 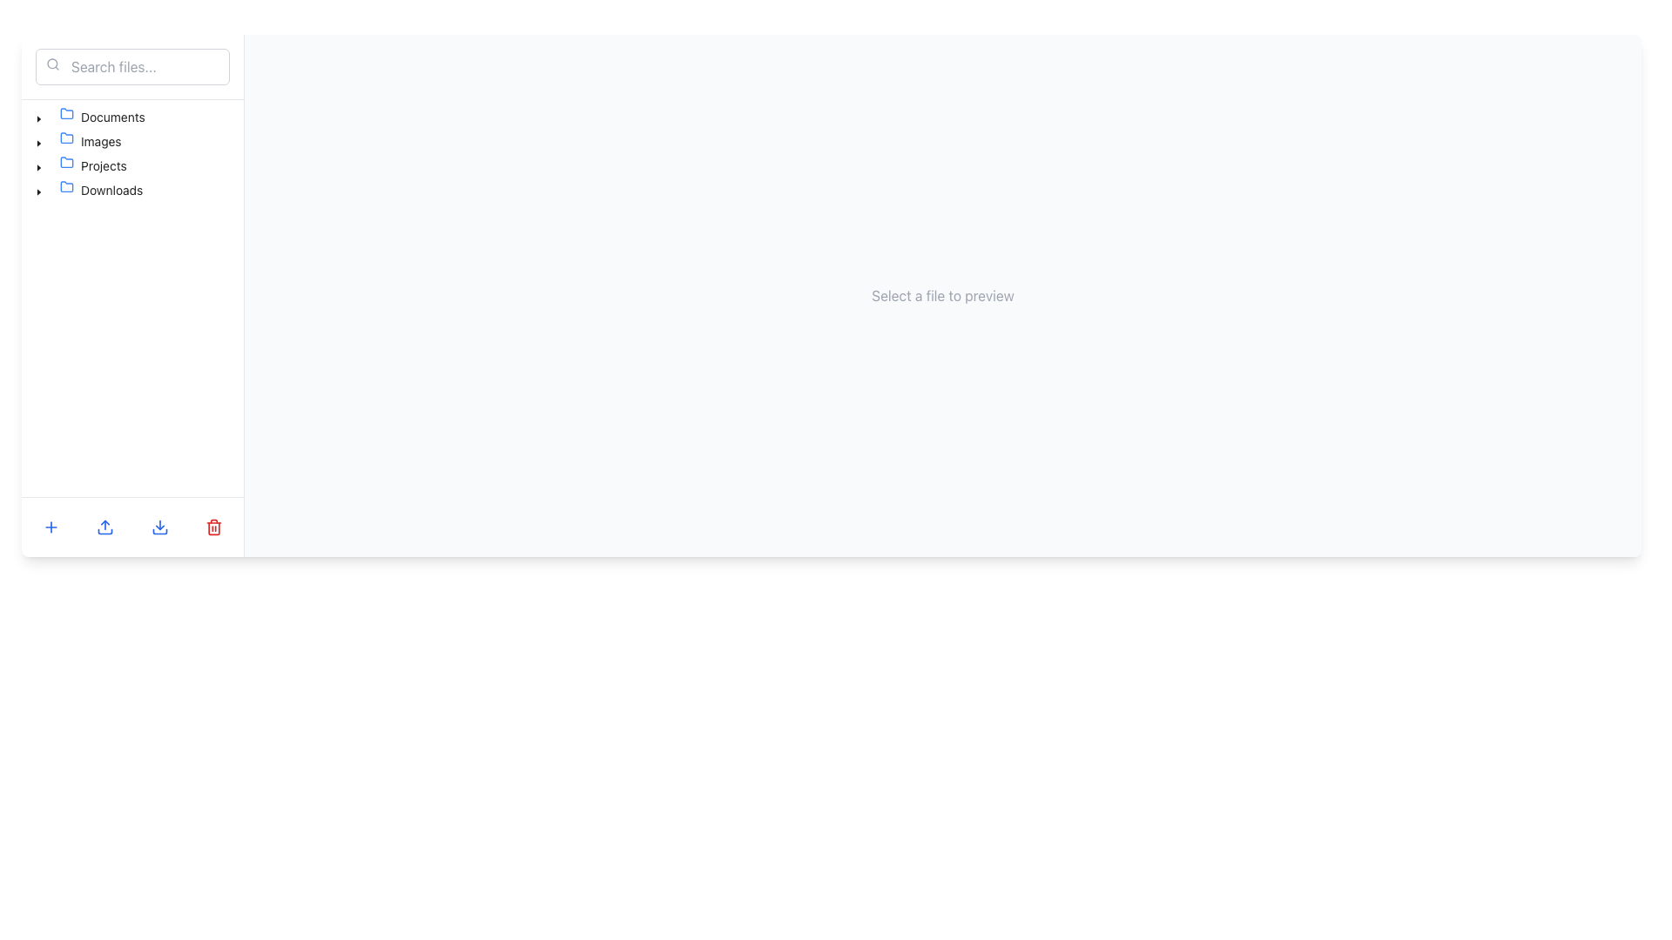 What do you see at coordinates (38, 117) in the screenshot?
I see `the Collapse/Expand Icon located to the left of the 'Documents' text` at bounding box center [38, 117].